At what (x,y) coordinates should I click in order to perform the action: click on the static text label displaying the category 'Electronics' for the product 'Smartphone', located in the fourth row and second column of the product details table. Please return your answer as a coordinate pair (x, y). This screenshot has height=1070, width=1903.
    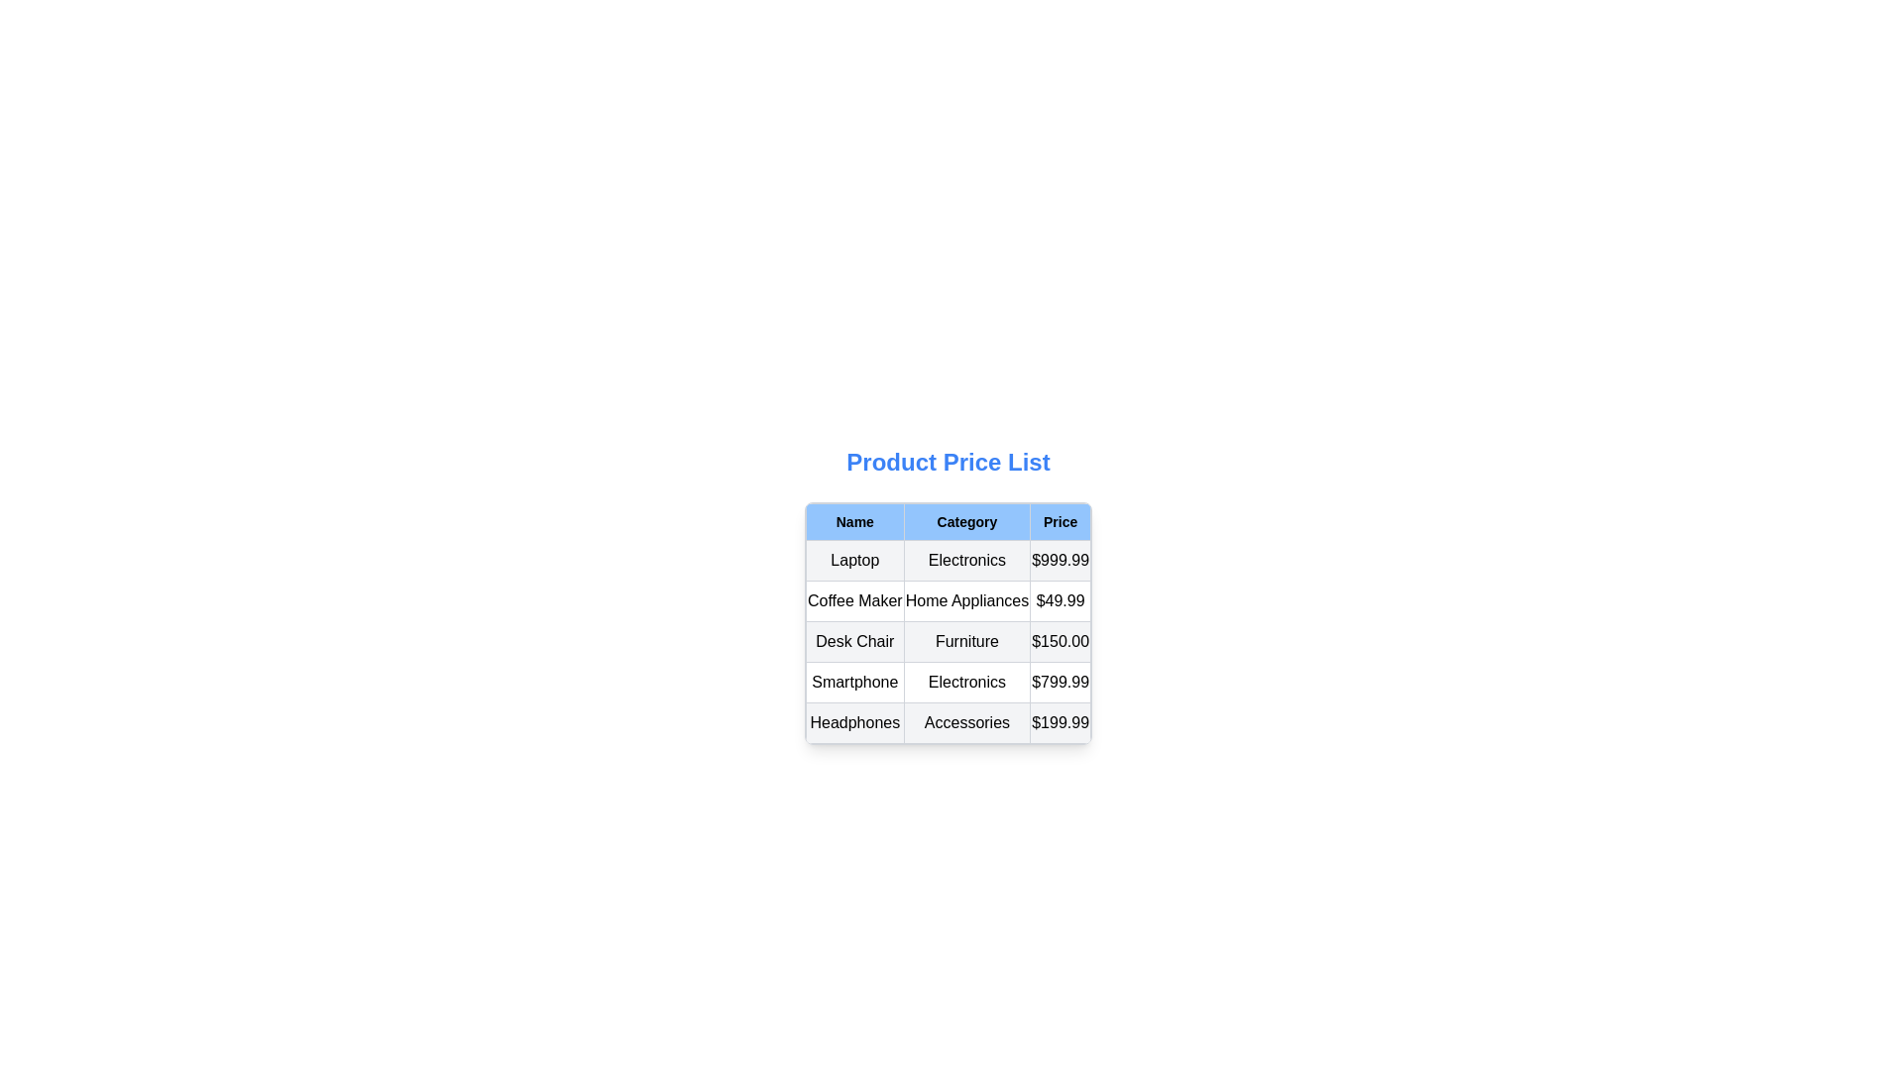
    Looking at the image, I should click on (966, 682).